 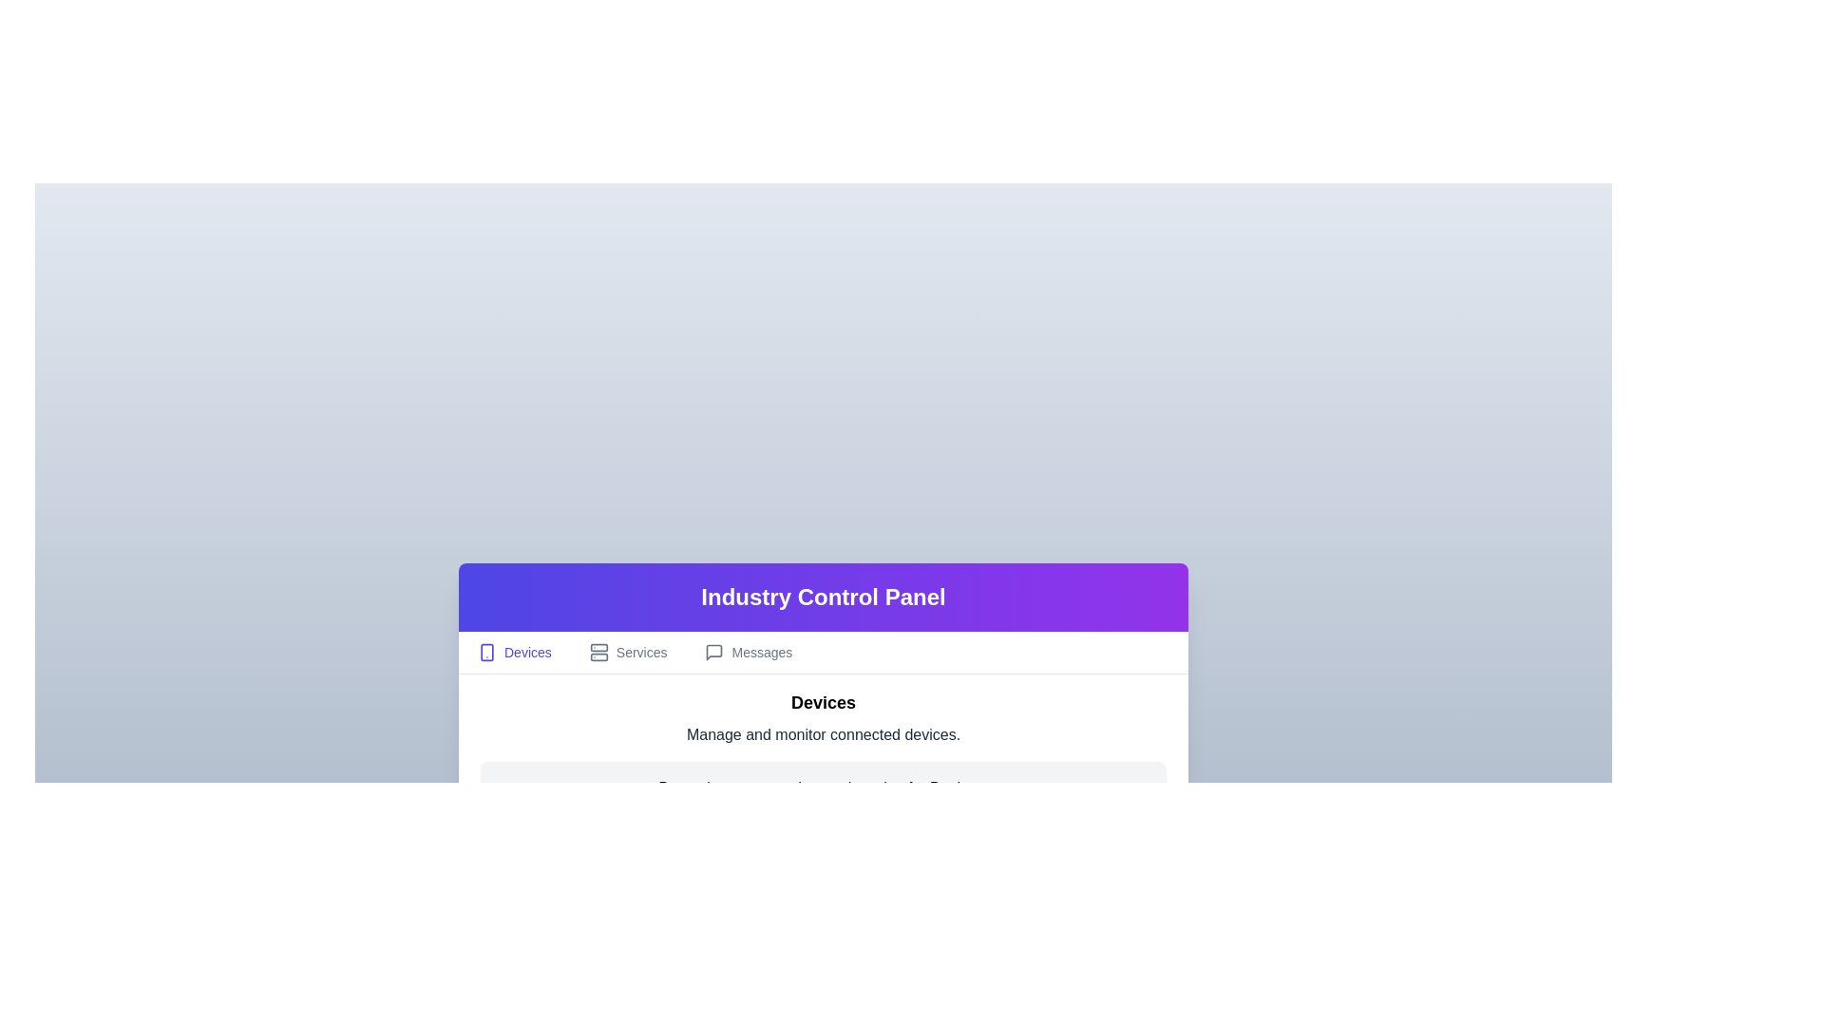 I want to click on the Messages tab, so click(x=748, y=651).